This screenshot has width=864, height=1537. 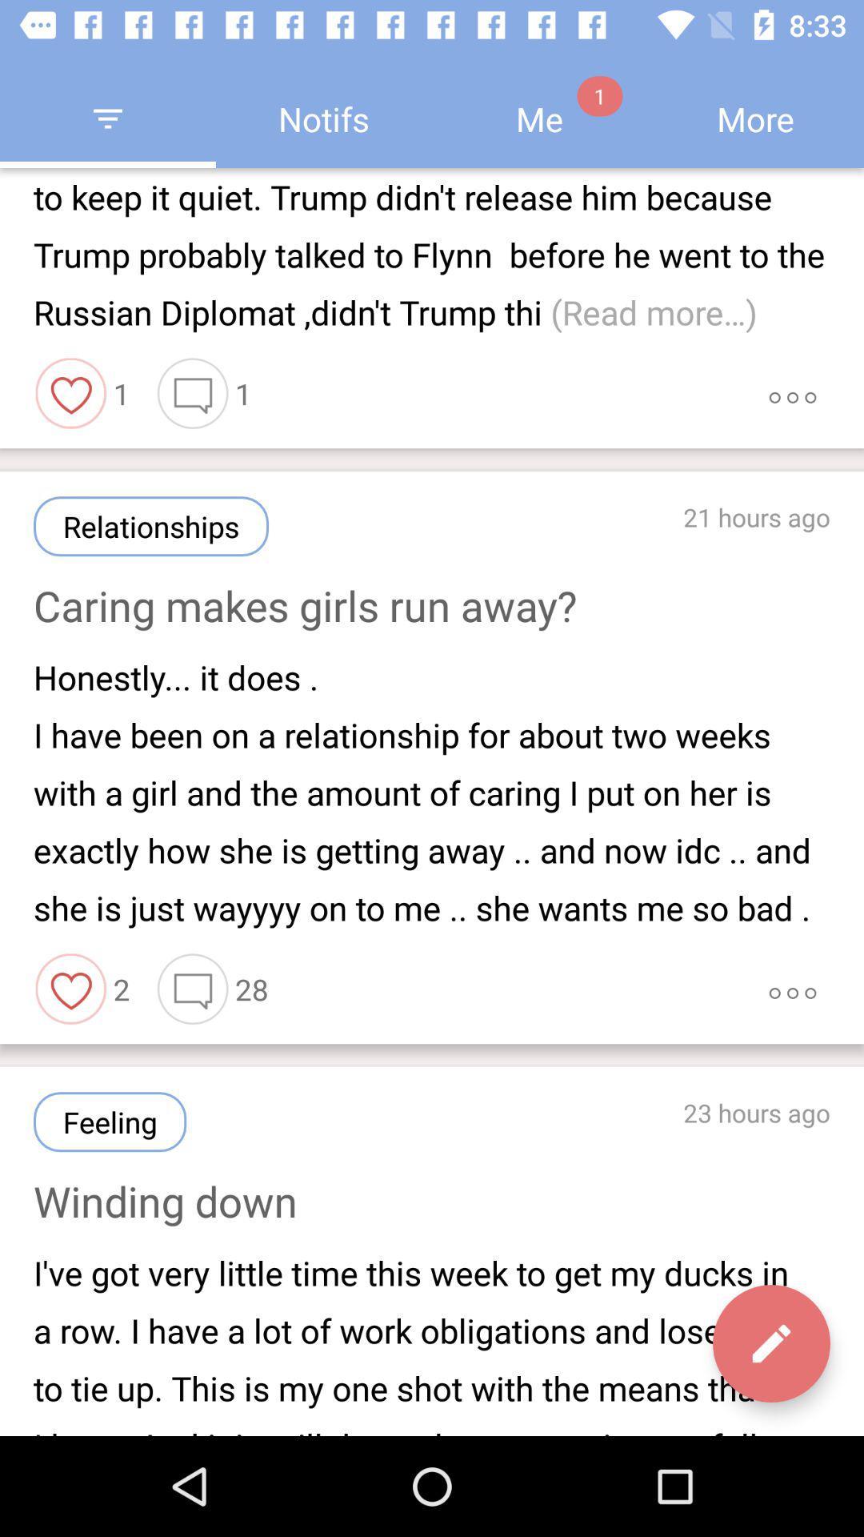 I want to click on icon to the left of 23 hours ago item, so click(x=109, y=1121).